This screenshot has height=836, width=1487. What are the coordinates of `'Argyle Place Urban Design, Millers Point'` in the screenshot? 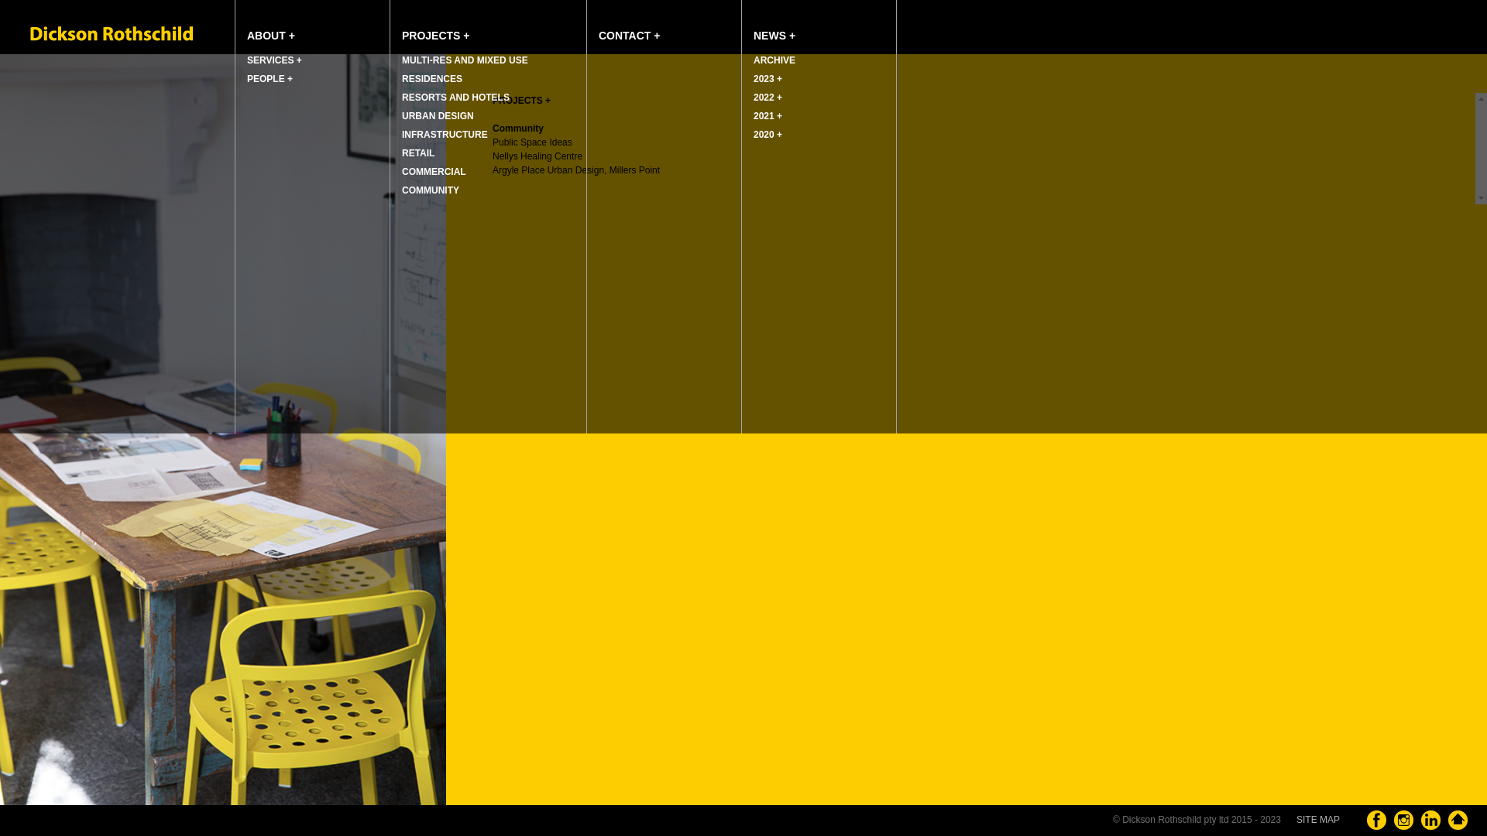 It's located at (491, 170).